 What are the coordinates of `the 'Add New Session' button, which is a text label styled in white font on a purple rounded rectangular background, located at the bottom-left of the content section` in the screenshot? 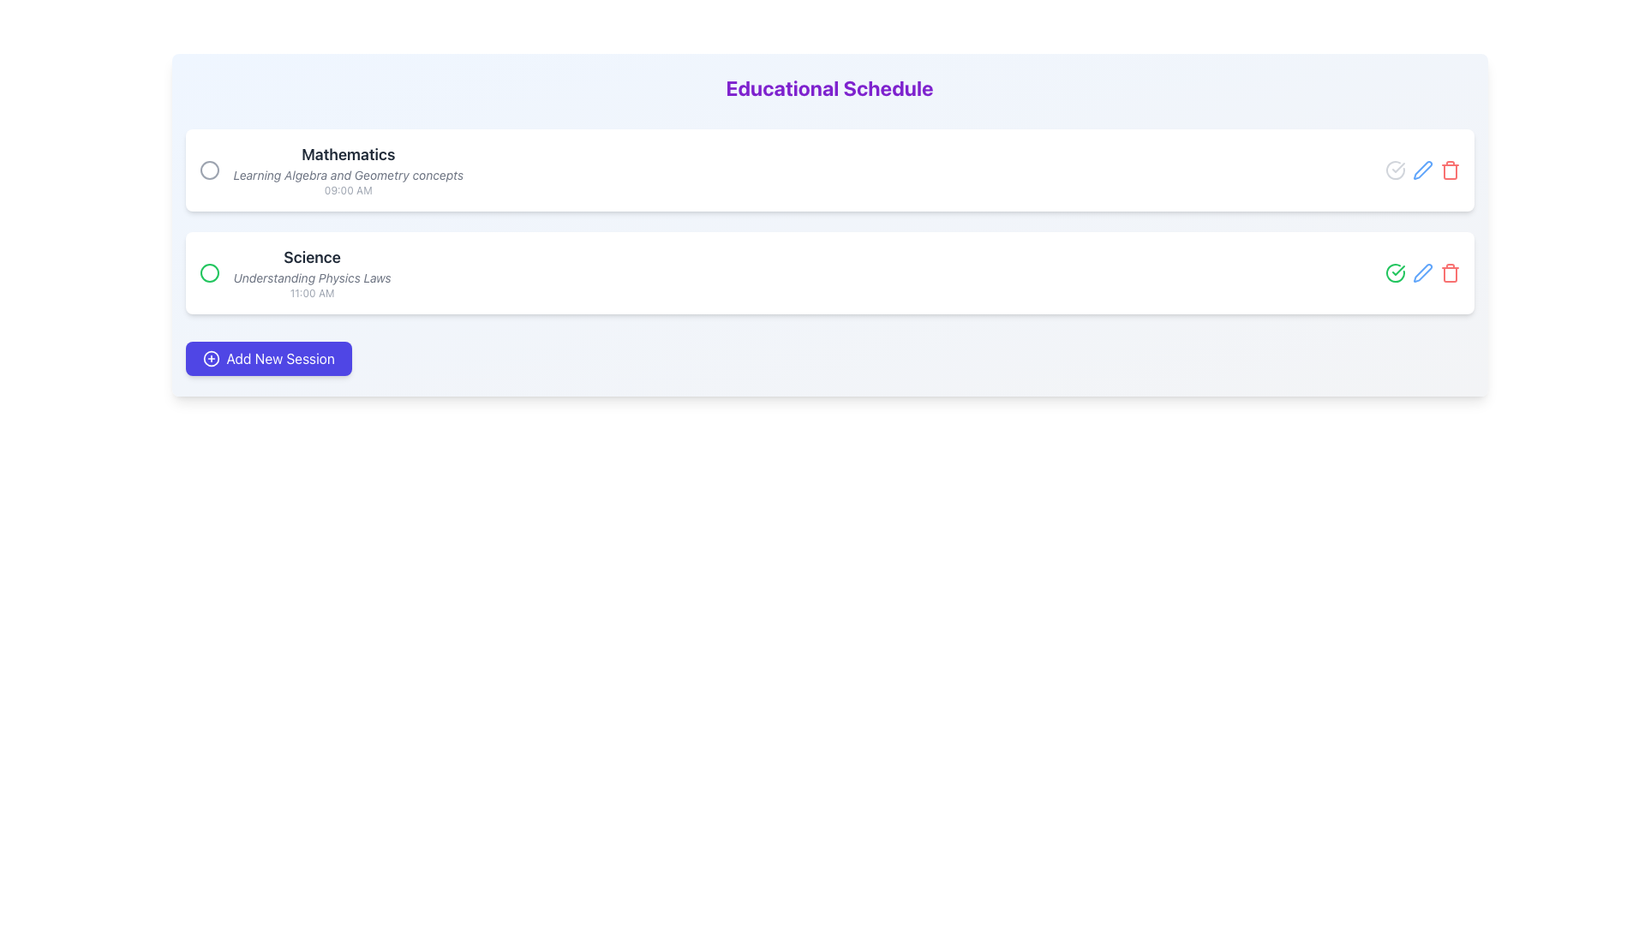 It's located at (280, 358).